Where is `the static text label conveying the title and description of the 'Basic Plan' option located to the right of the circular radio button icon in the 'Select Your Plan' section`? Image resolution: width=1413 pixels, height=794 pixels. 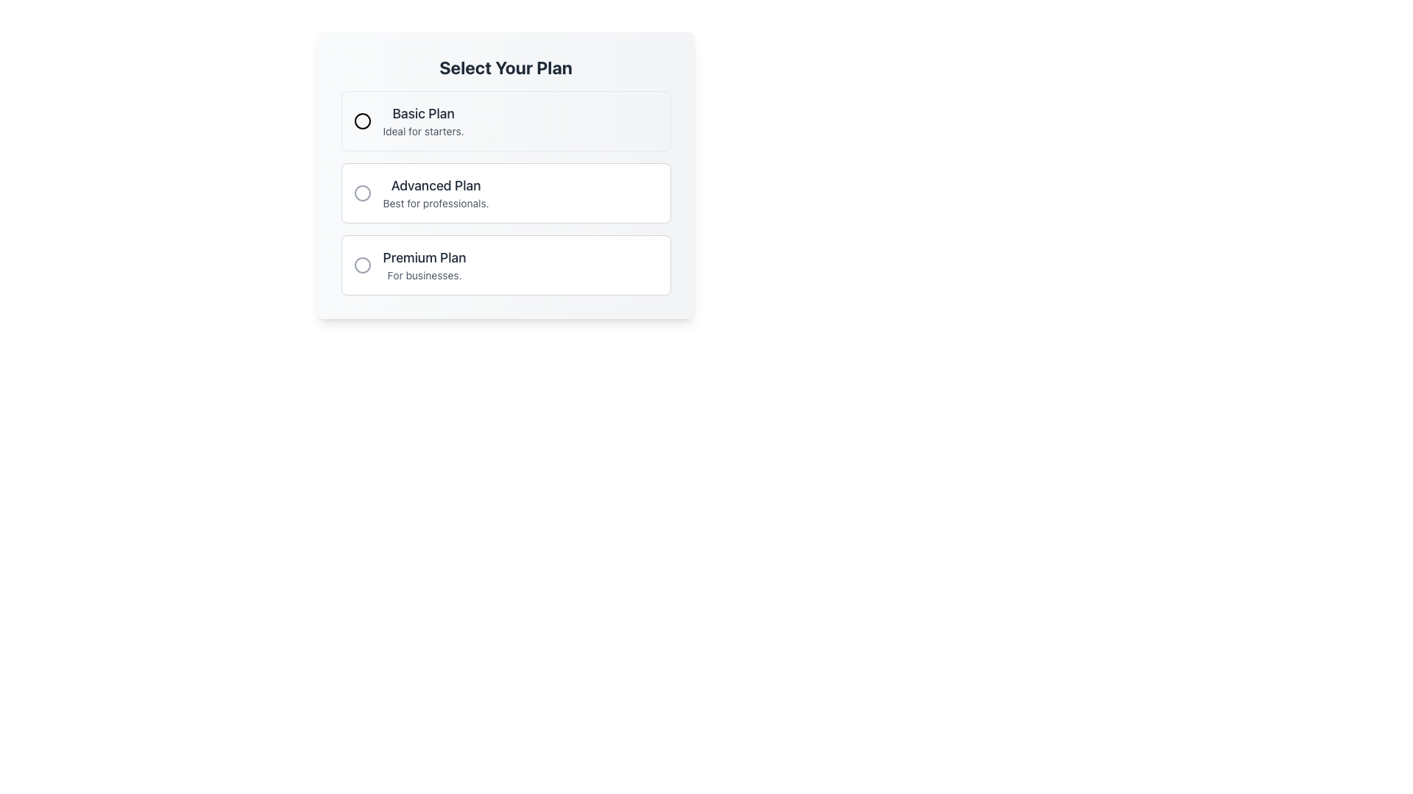
the static text label conveying the title and description of the 'Basic Plan' option located to the right of the circular radio button icon in the 'Select Your Plan' section is located at coordinates (422, 121).